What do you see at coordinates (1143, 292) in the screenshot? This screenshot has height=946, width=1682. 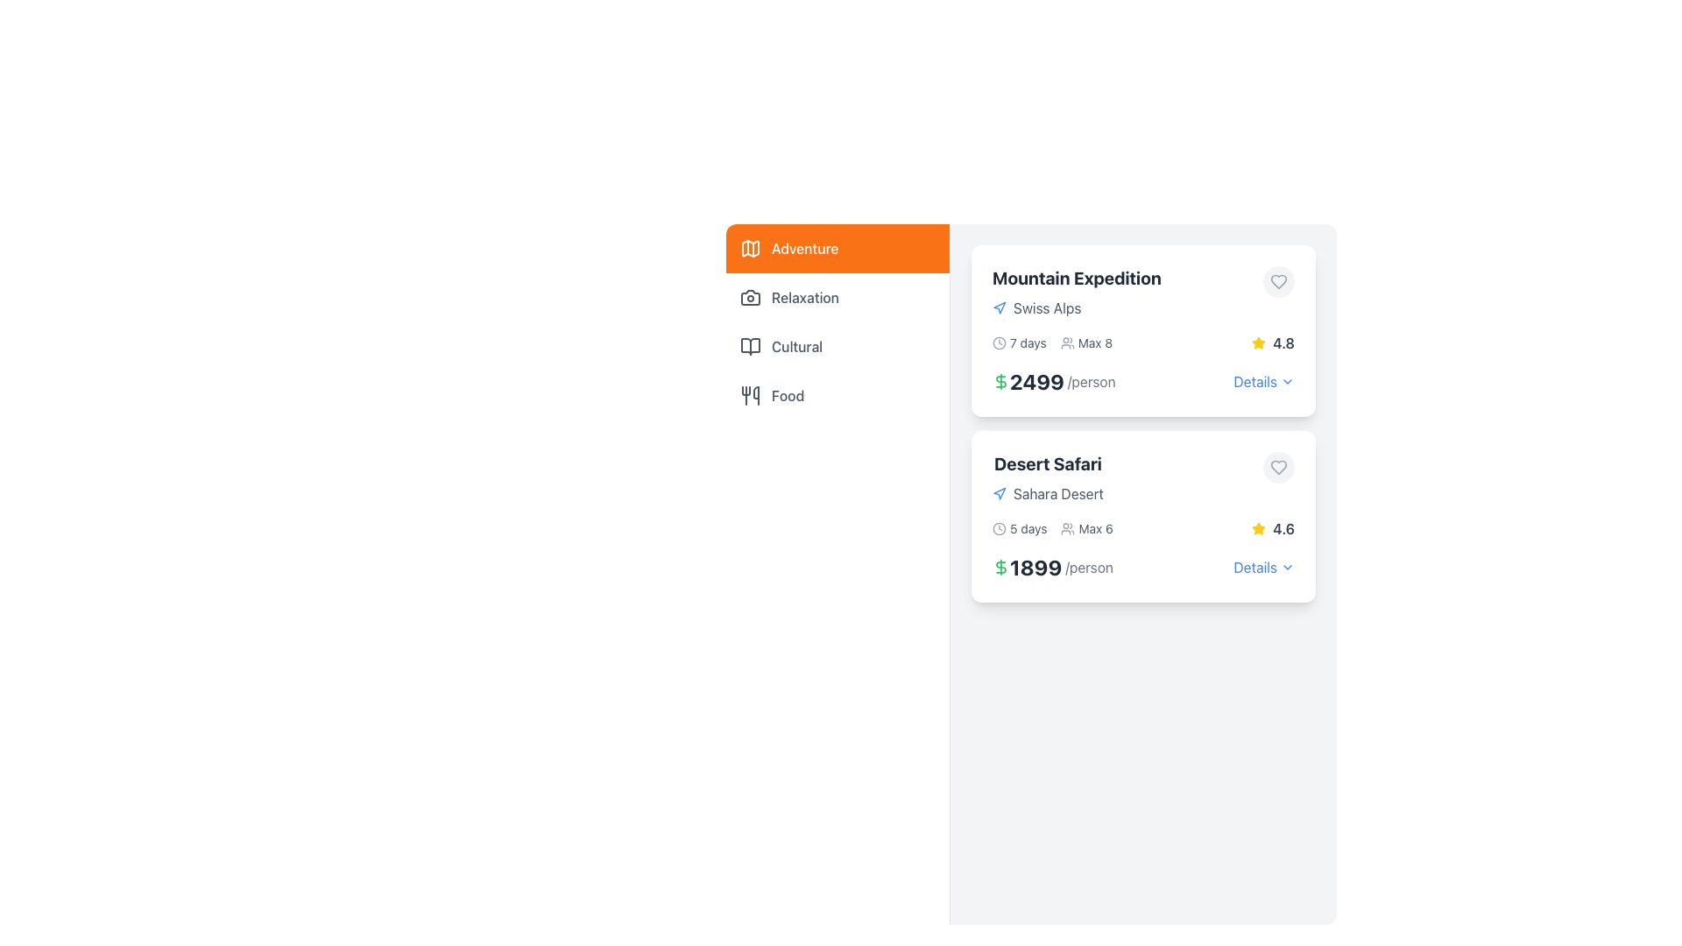 I see `the text information displayed in the card containing the heading 'Mountain Expedition' and the label 'Swiss Alps'` at bounding box center [1143, 292].